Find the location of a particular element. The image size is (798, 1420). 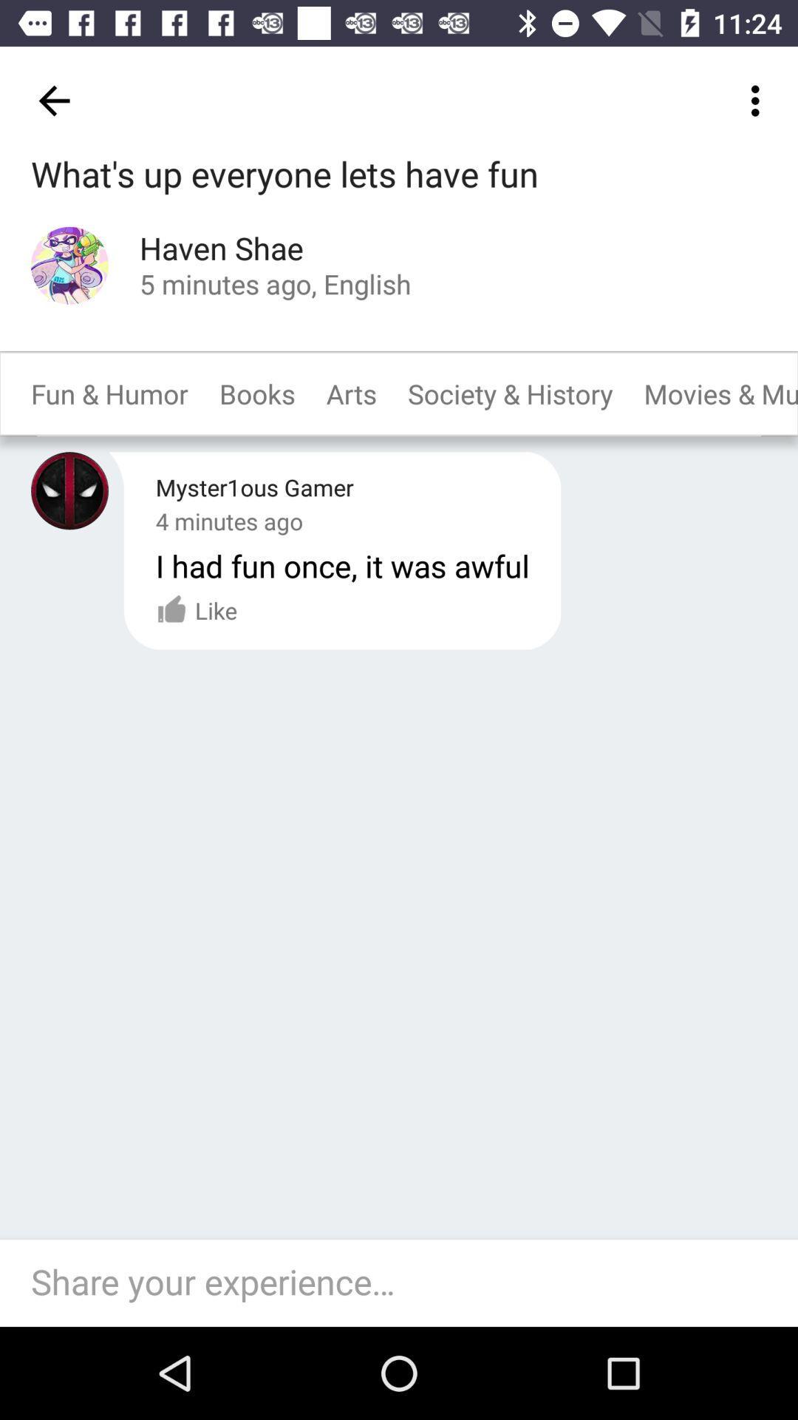

this persons profile is located at coordinates (69, 266).